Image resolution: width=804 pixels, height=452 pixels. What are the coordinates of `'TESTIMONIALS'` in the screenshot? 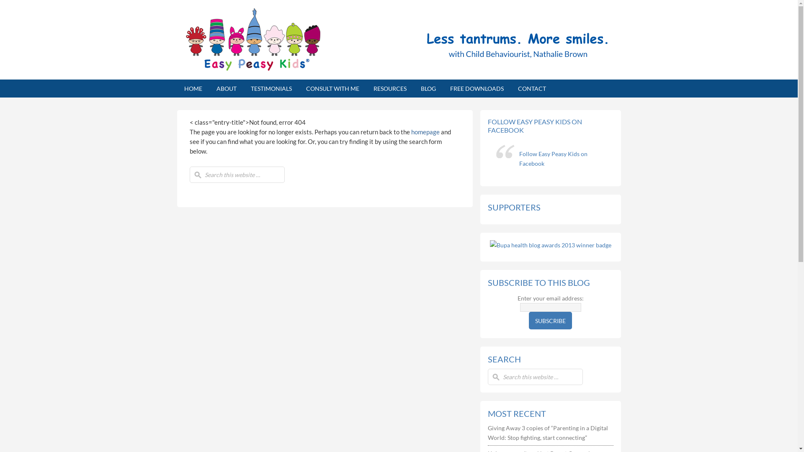 It's located at (271, 88).